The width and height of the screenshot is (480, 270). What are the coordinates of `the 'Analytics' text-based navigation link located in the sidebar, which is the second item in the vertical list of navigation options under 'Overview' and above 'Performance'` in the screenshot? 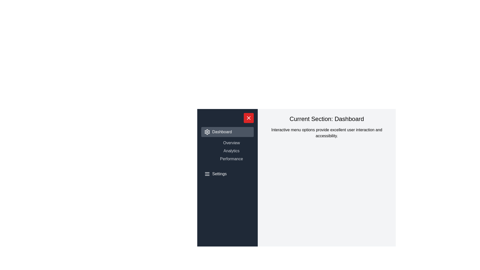 It's located at (227, 151).